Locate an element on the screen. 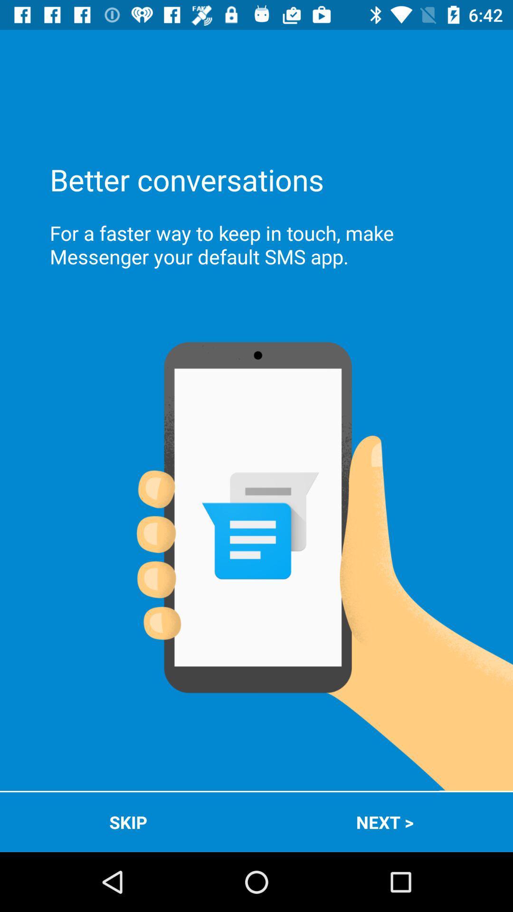 The height and width of the screenshot is (912, 513). the skip at the bottom left corner is located at coordinates (128, 822).